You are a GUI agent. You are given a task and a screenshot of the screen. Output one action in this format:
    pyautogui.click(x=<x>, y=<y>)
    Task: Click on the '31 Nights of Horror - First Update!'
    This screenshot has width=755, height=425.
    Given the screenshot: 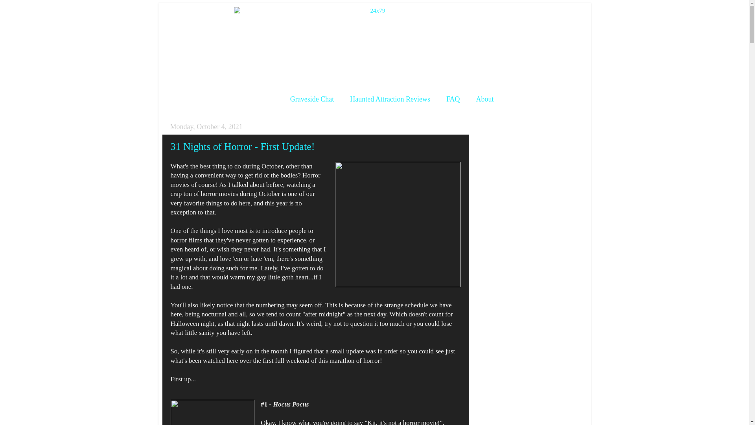 What is the action you would take?
    pyautogui.click(x=242, y=146)
    